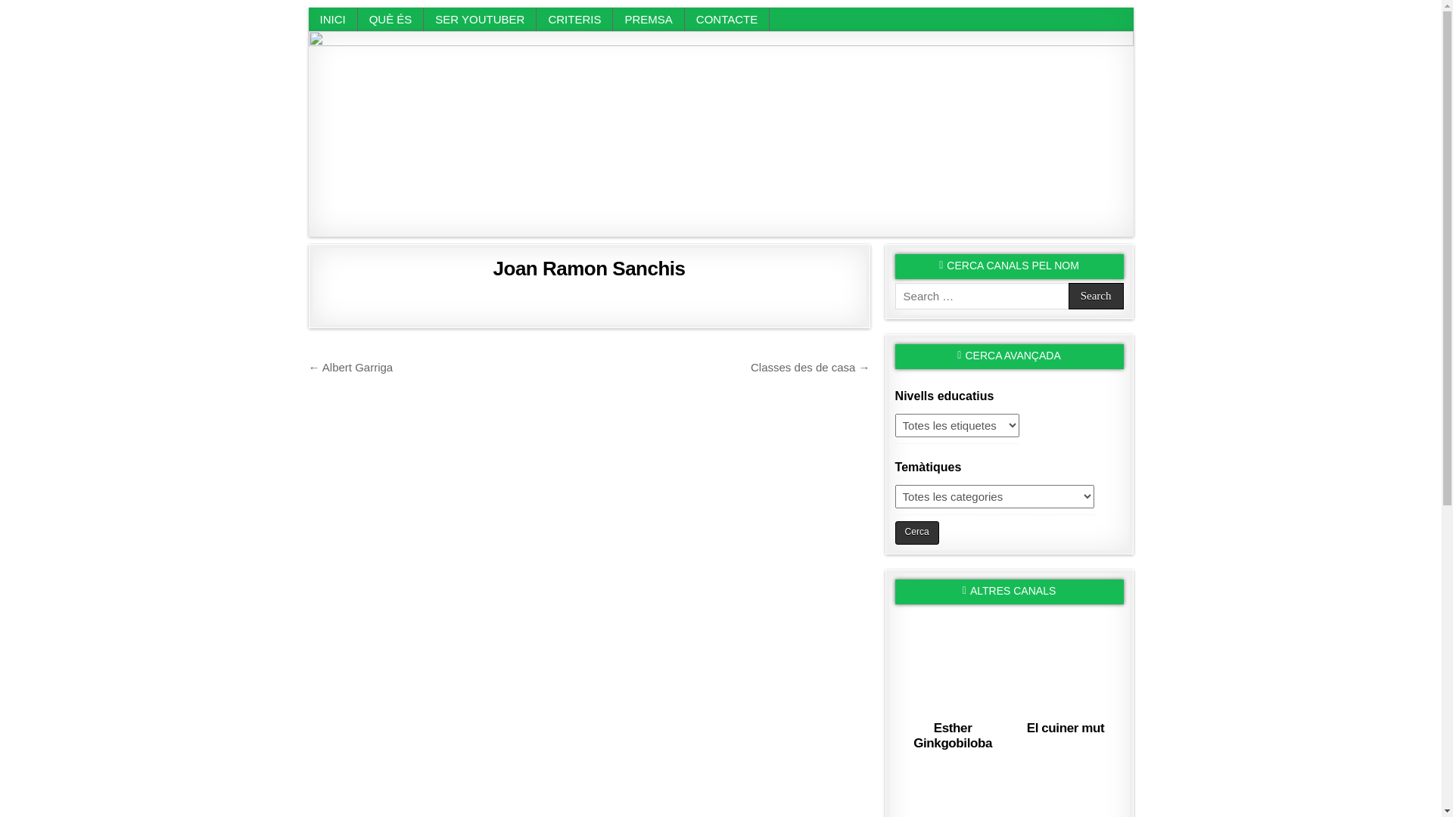 The image size is (1453, 817). I want to click on 'Cerca', so click(916, 532).